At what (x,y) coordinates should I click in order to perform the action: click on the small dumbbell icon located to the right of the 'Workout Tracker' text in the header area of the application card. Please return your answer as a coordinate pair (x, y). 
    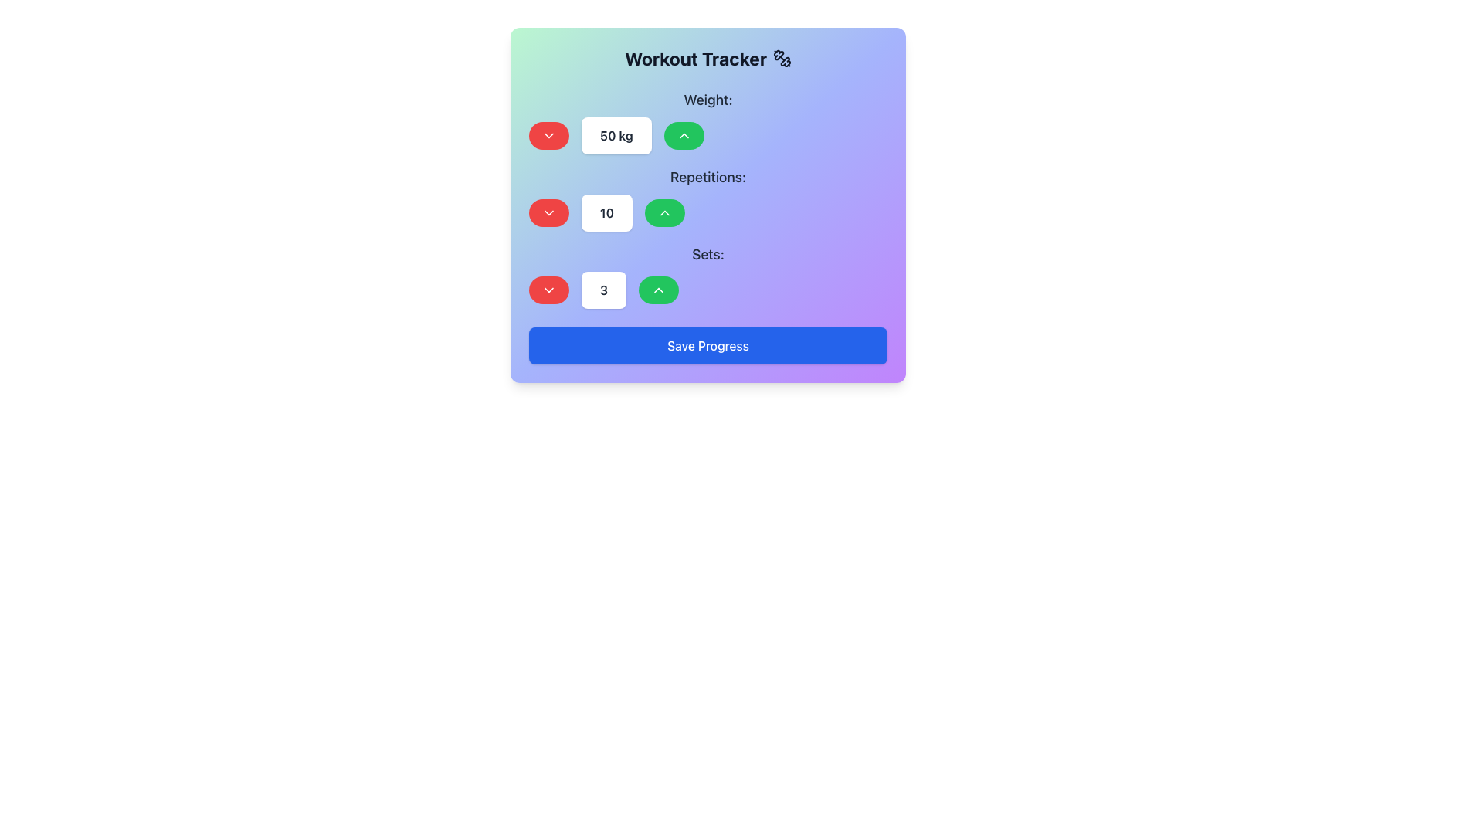
    Looking at the image, I should click on (782, 58).